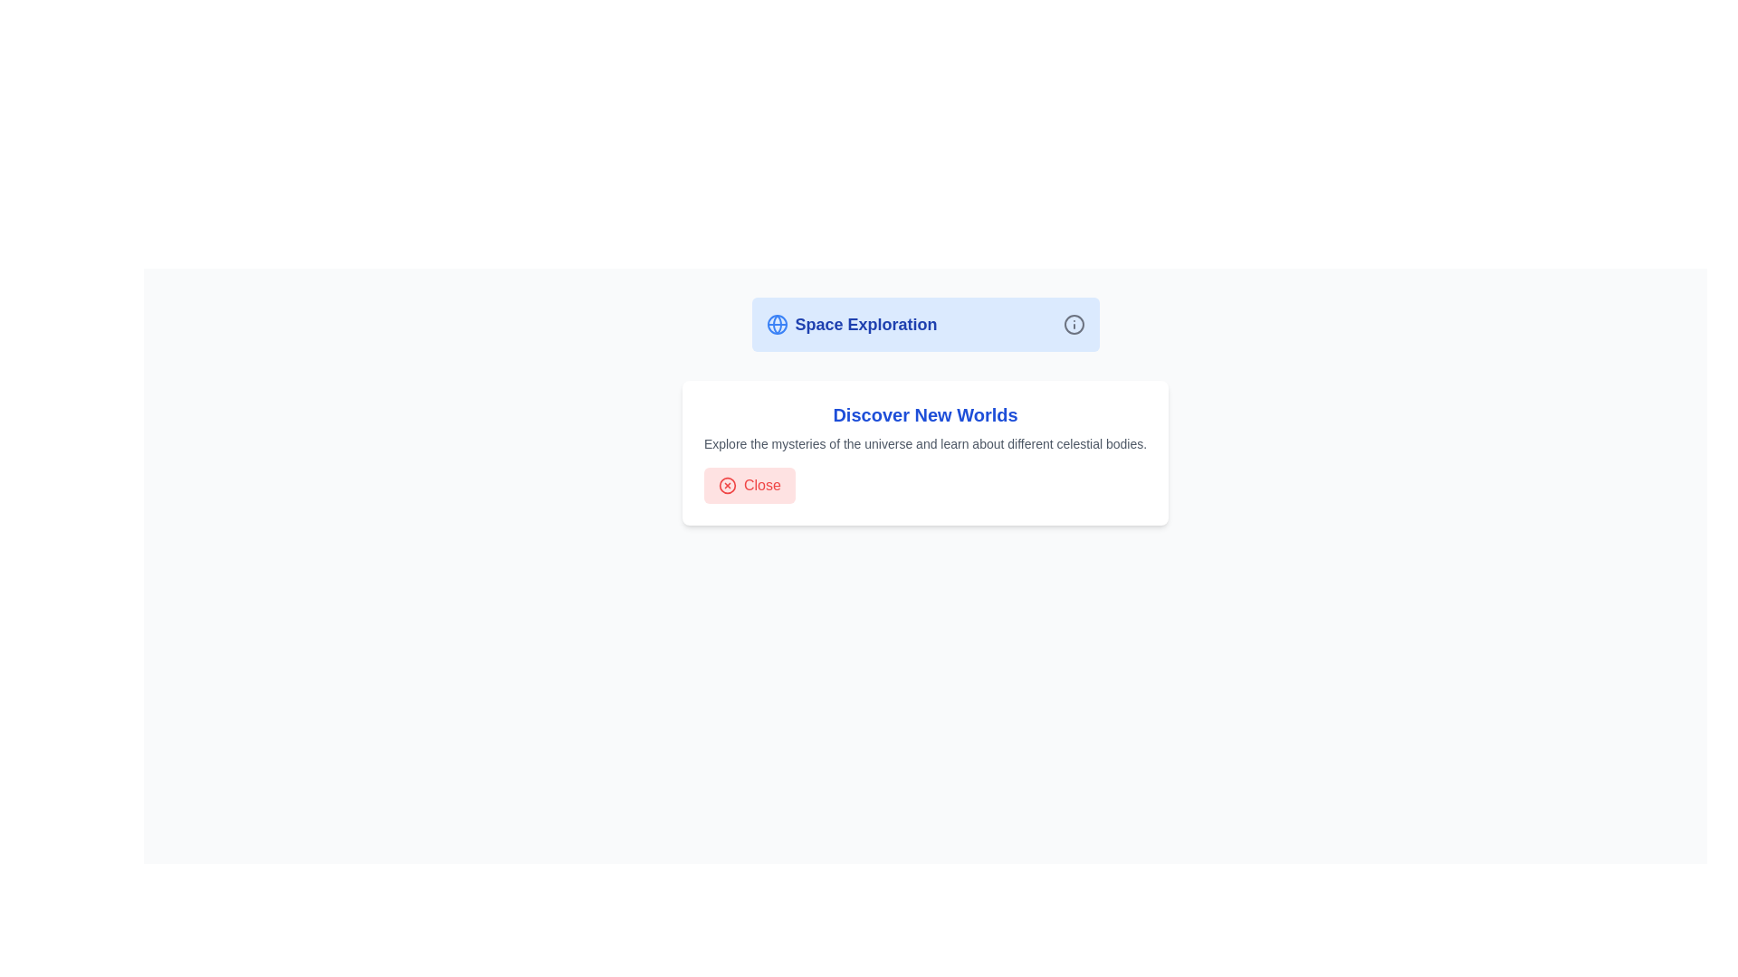 This screenshot has width=1738, height=977. Describe the element at coordinates (727, 484) in the screenshot. I see `the red circular icon with an 'X' inside it, located on the left side of the 'Close' button` at that location.